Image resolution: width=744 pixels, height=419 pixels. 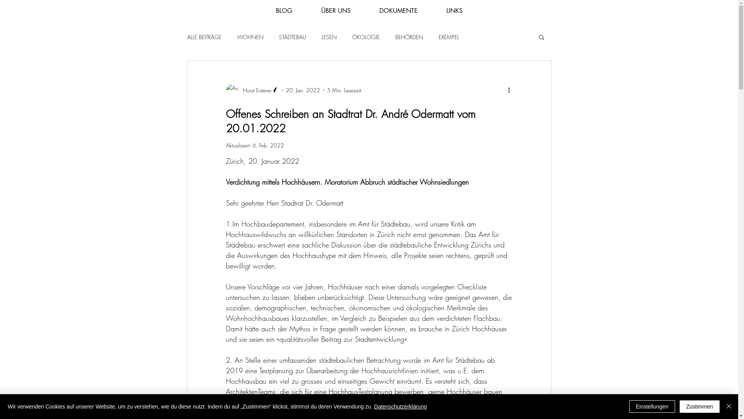 What do you see at coordinates (679, 406) in the screenshot?
I see `'Zustimmen'` at bounding box center [679, 406].